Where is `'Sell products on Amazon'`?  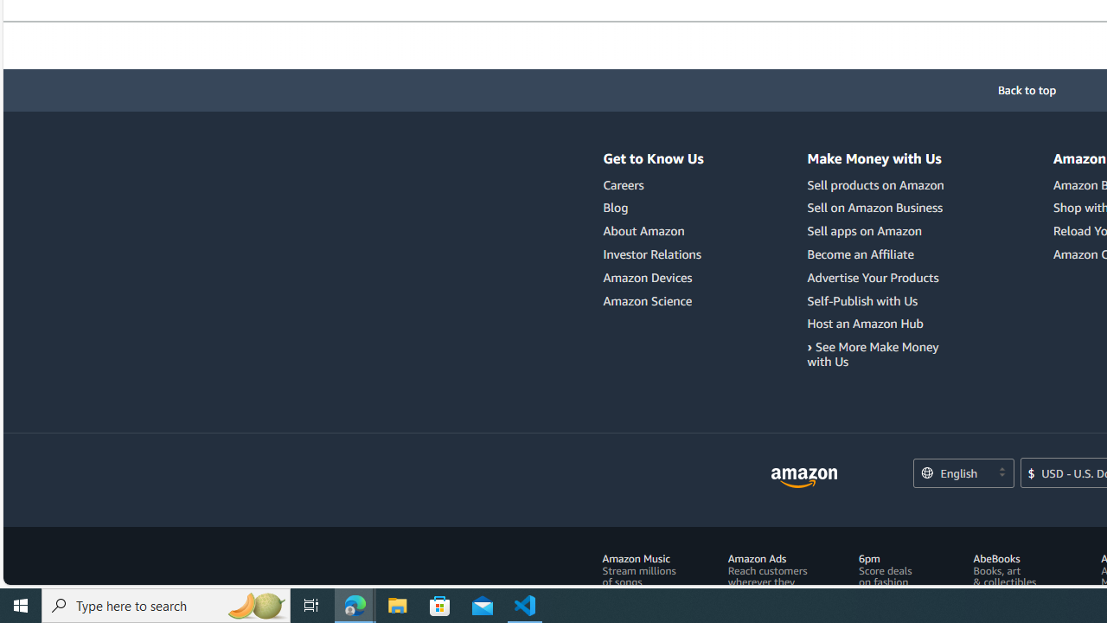
'Sell products on Amazon' is located at coordinates (878, 185).